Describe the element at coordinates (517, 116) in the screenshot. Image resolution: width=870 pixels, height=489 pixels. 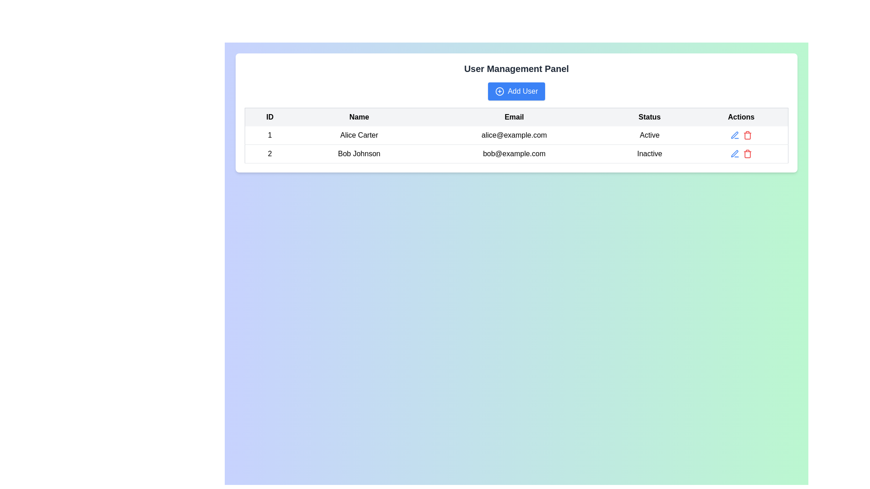
I see `text of the headers in the Table Header Row located below the 'Add User' button in the 'User Management Panel'` at that location.